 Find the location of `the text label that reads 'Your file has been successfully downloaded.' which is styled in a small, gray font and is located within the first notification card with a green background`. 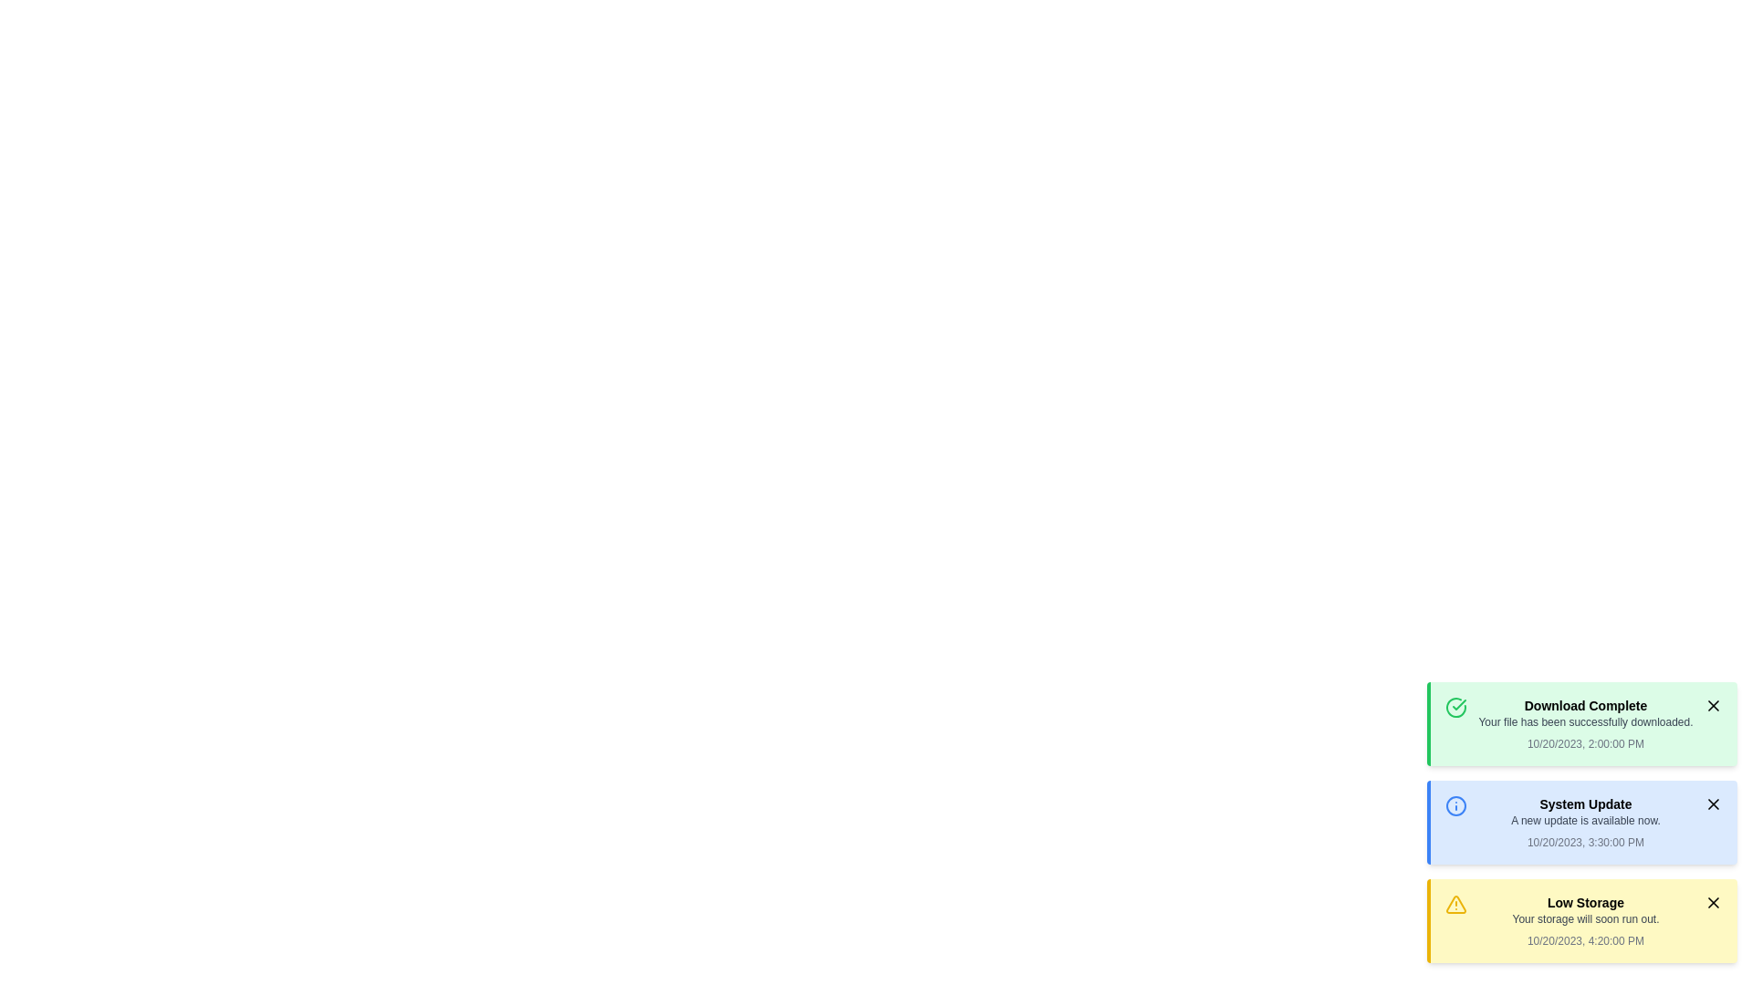

the text label that reads 'Your file has been successfully downloaded.' which is styled in a small, gray font and is located within the first notification card with a green background is located at coordinates (1584, 721).